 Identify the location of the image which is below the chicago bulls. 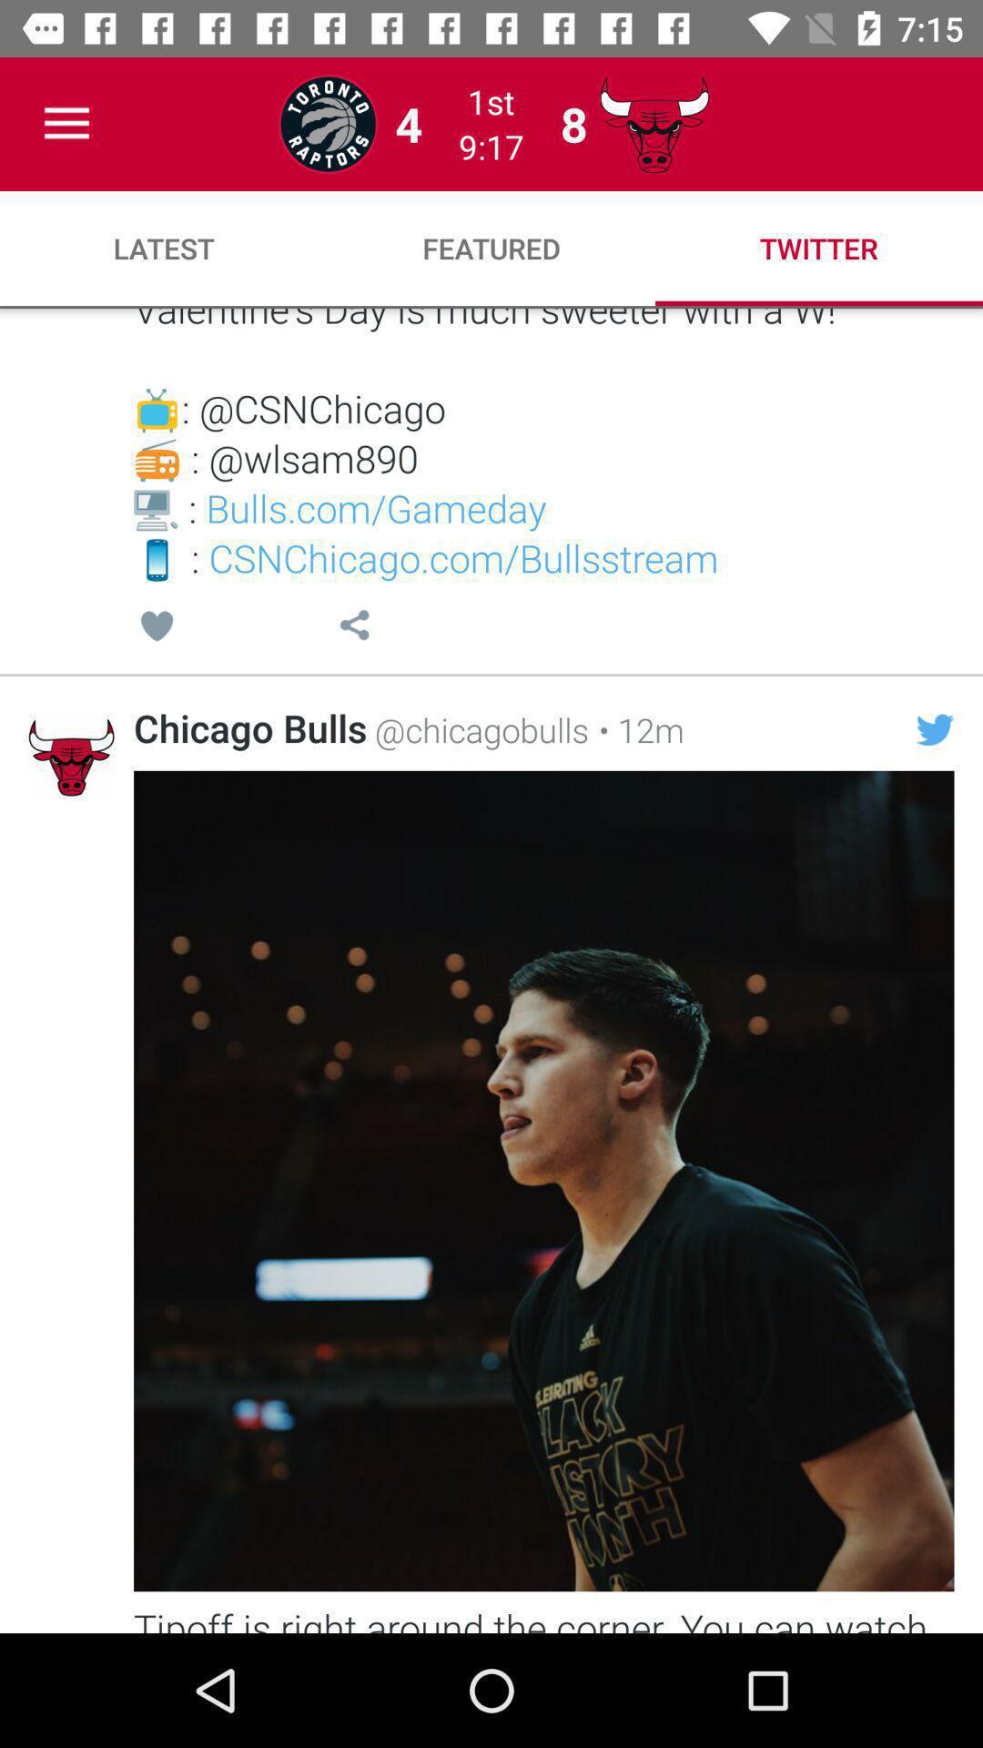
(542, 1181).